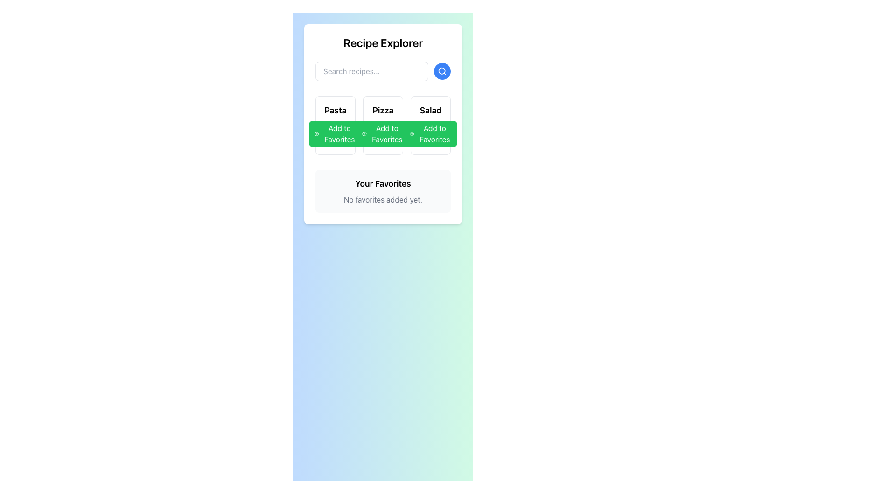 The image size is (896, 504). Describe the element at coordinates (442, 71) in the screenshot. I see `the blue circular button with a white magnifying glass icon` at that location.